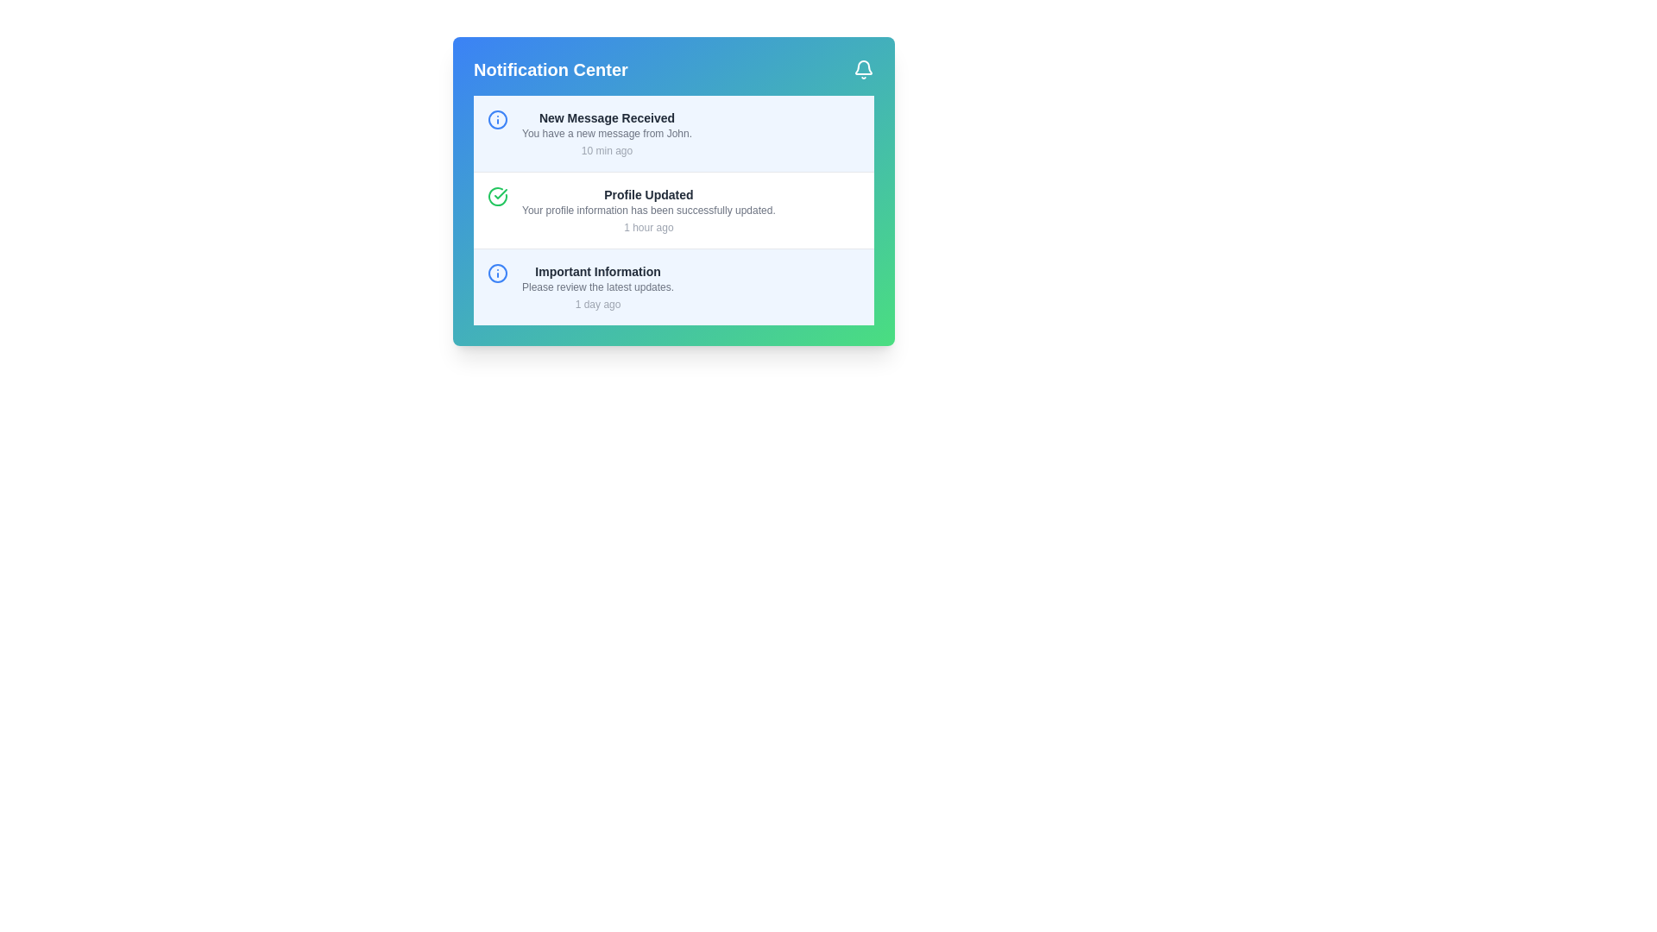 This screenshot has height=932, width=1657. What do you see at coordinates (598, 286) in the screenshot?
I see `the third notification card in the Notification Center, which is located below two other notifications, by clicking on it` at bounding box center [598, 286].